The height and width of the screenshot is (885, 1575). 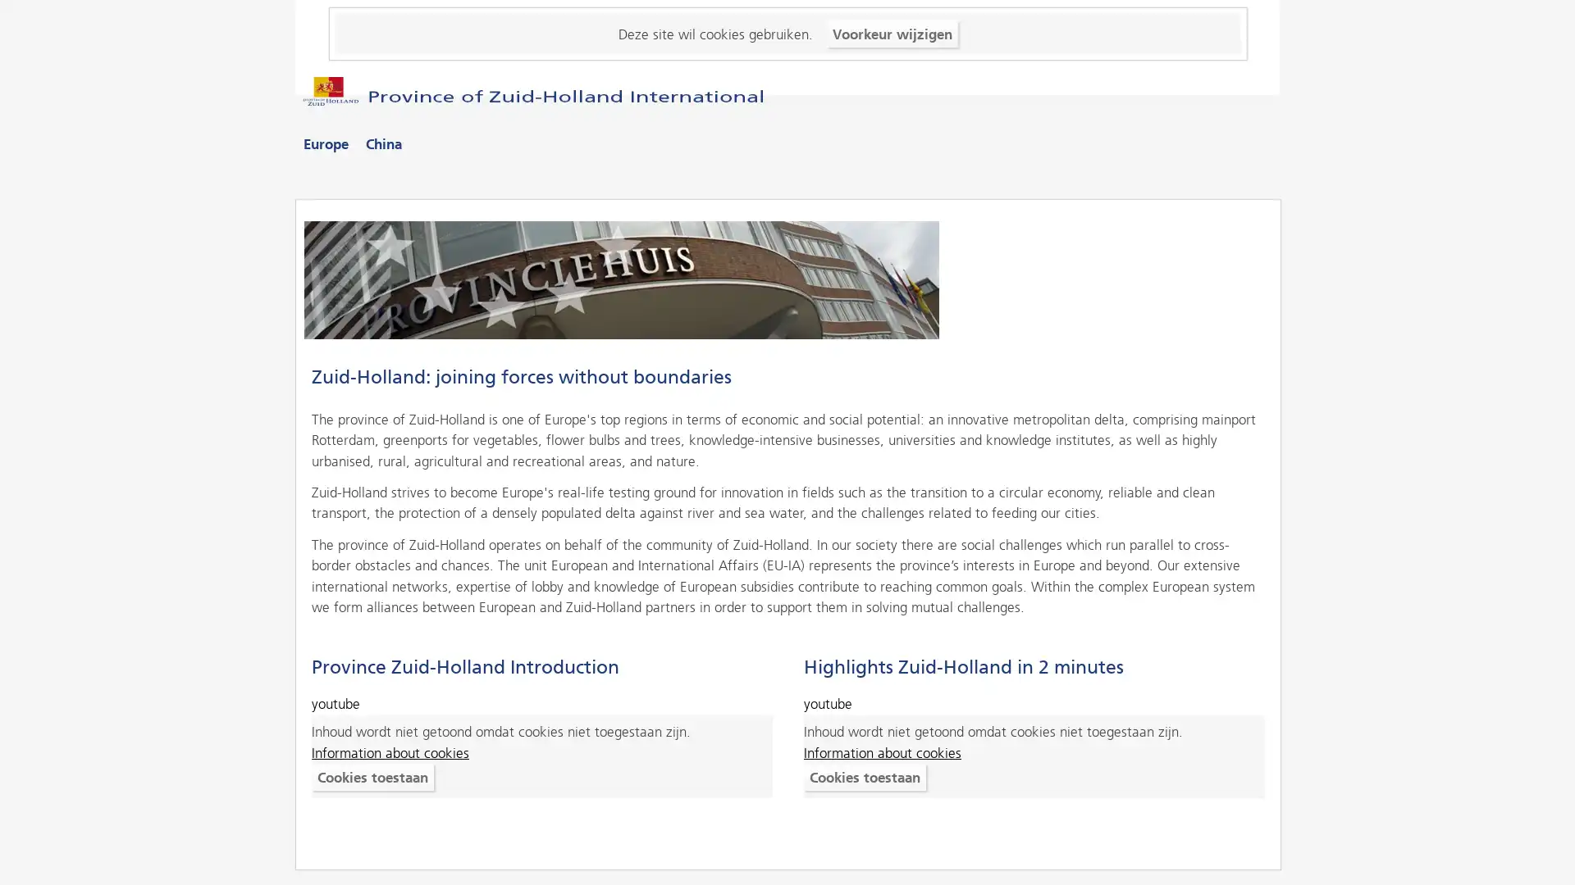 What do you see at coordinates (372, 776) in the screenshot?
I see `Cookies toestaan` at bounding box center [372, 776].